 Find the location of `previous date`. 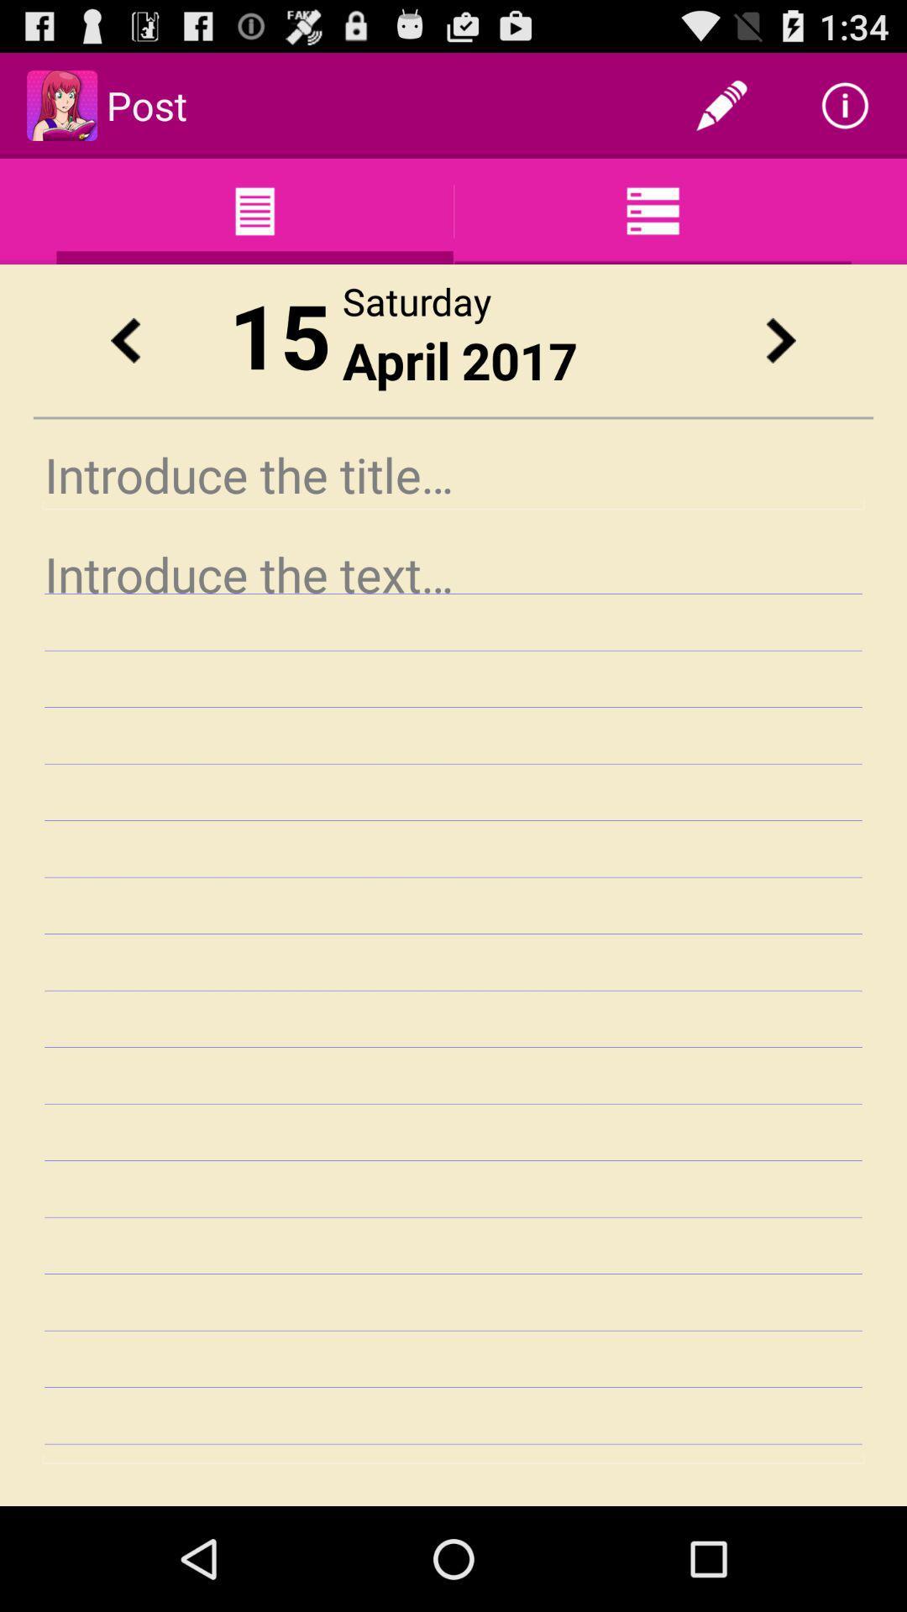

previous date is located at coordinates (124, 339).